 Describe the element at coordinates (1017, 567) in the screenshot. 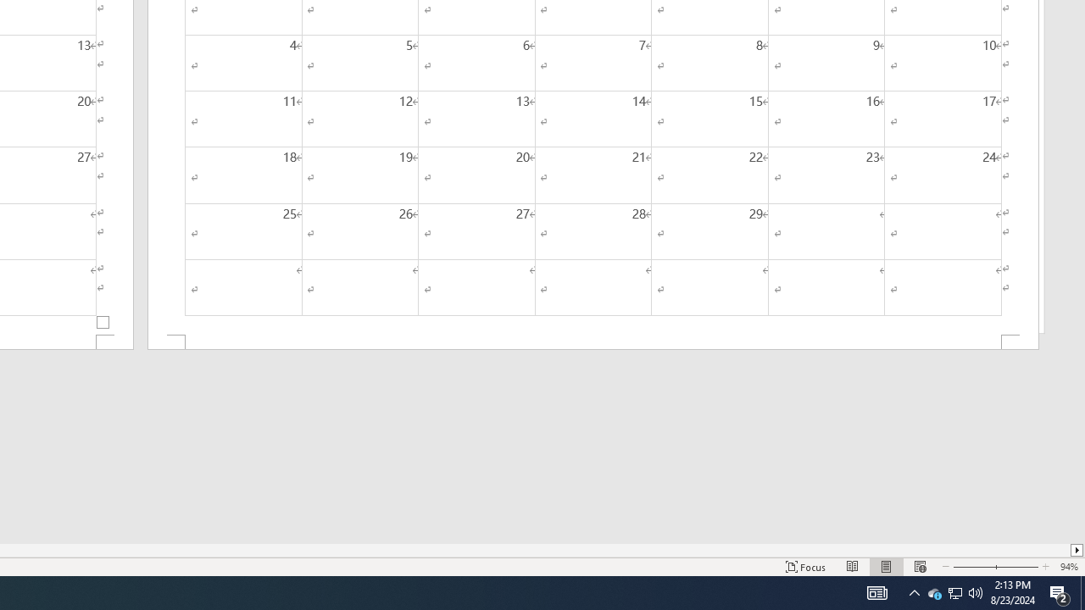

I see `'Zoom In'` at that location.